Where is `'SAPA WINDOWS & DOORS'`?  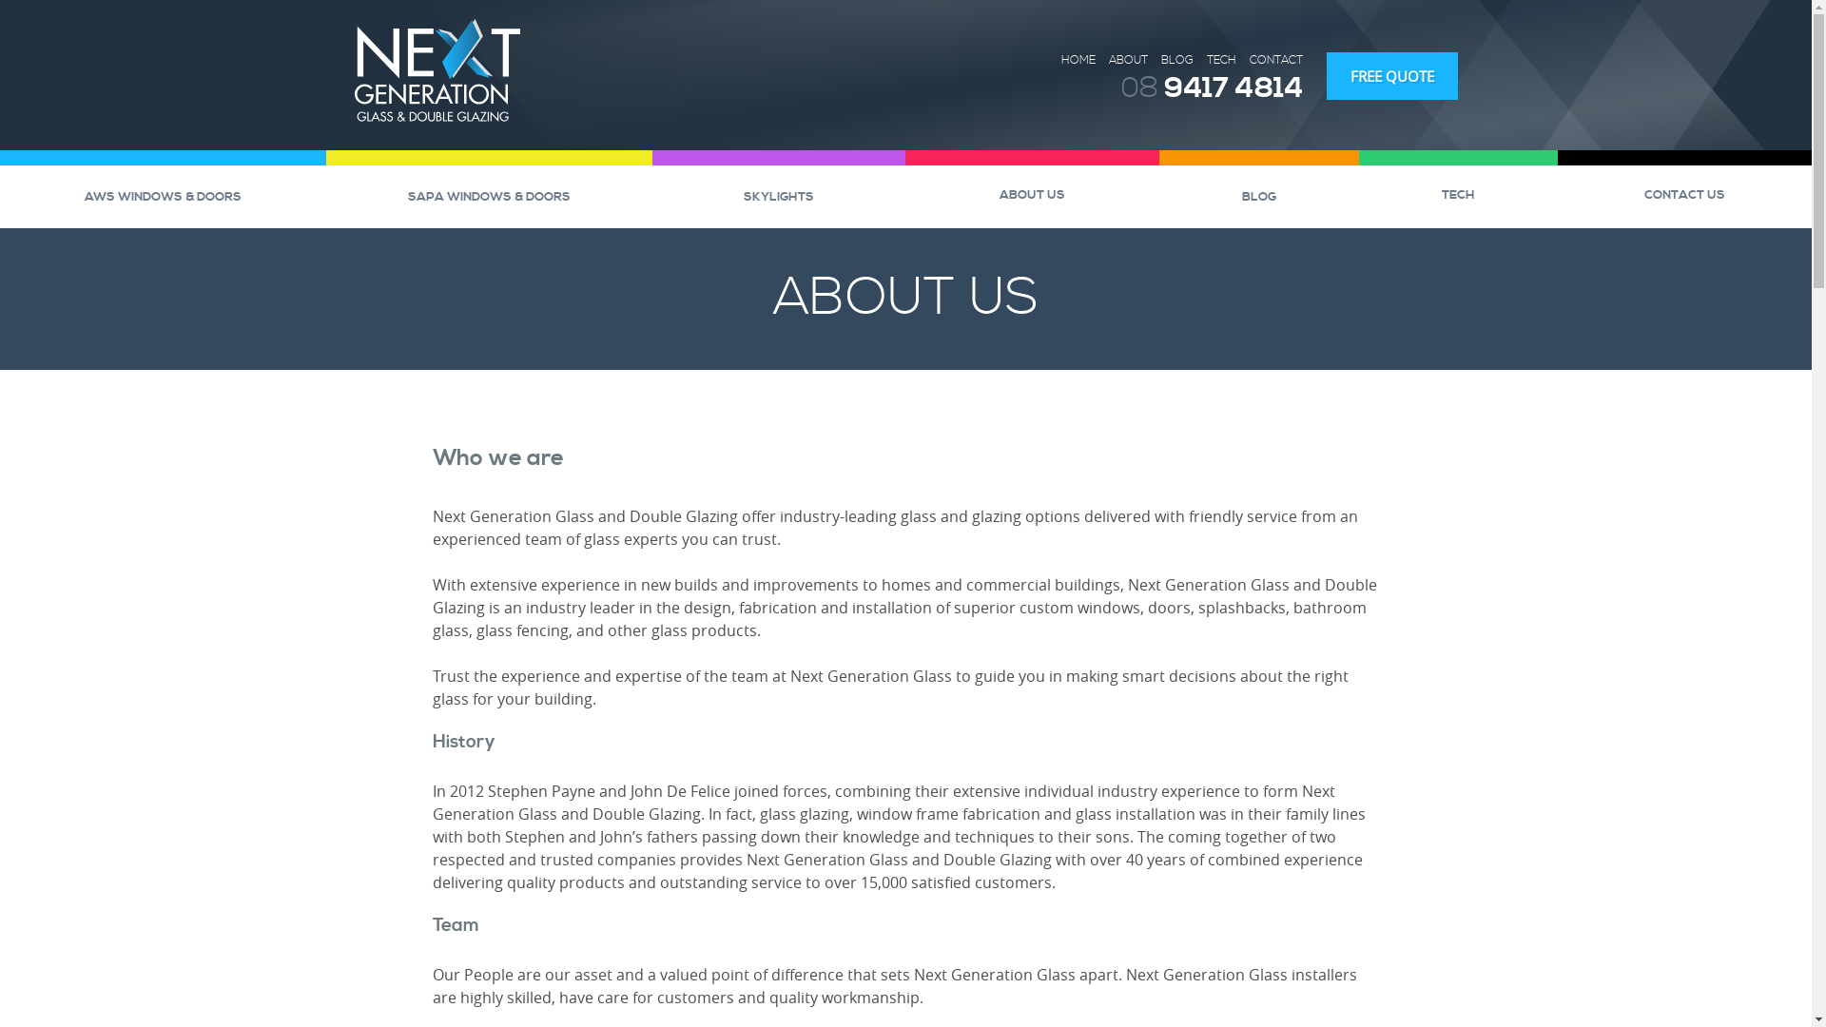
'SAPA WINDOWS & DOORS' is located at coordinates (489, 195).